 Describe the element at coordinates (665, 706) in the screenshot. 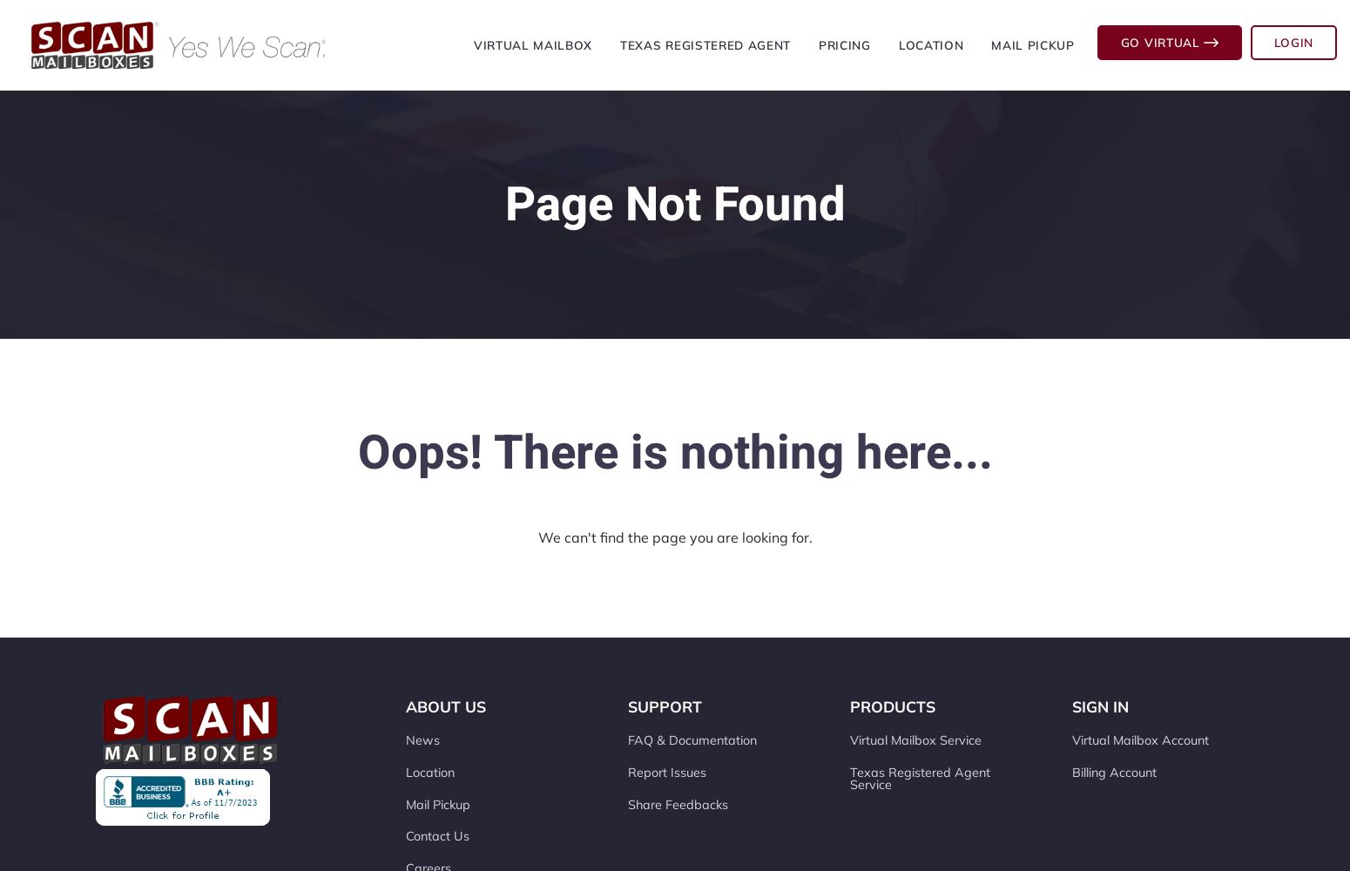

I see `'Support'` at that location.